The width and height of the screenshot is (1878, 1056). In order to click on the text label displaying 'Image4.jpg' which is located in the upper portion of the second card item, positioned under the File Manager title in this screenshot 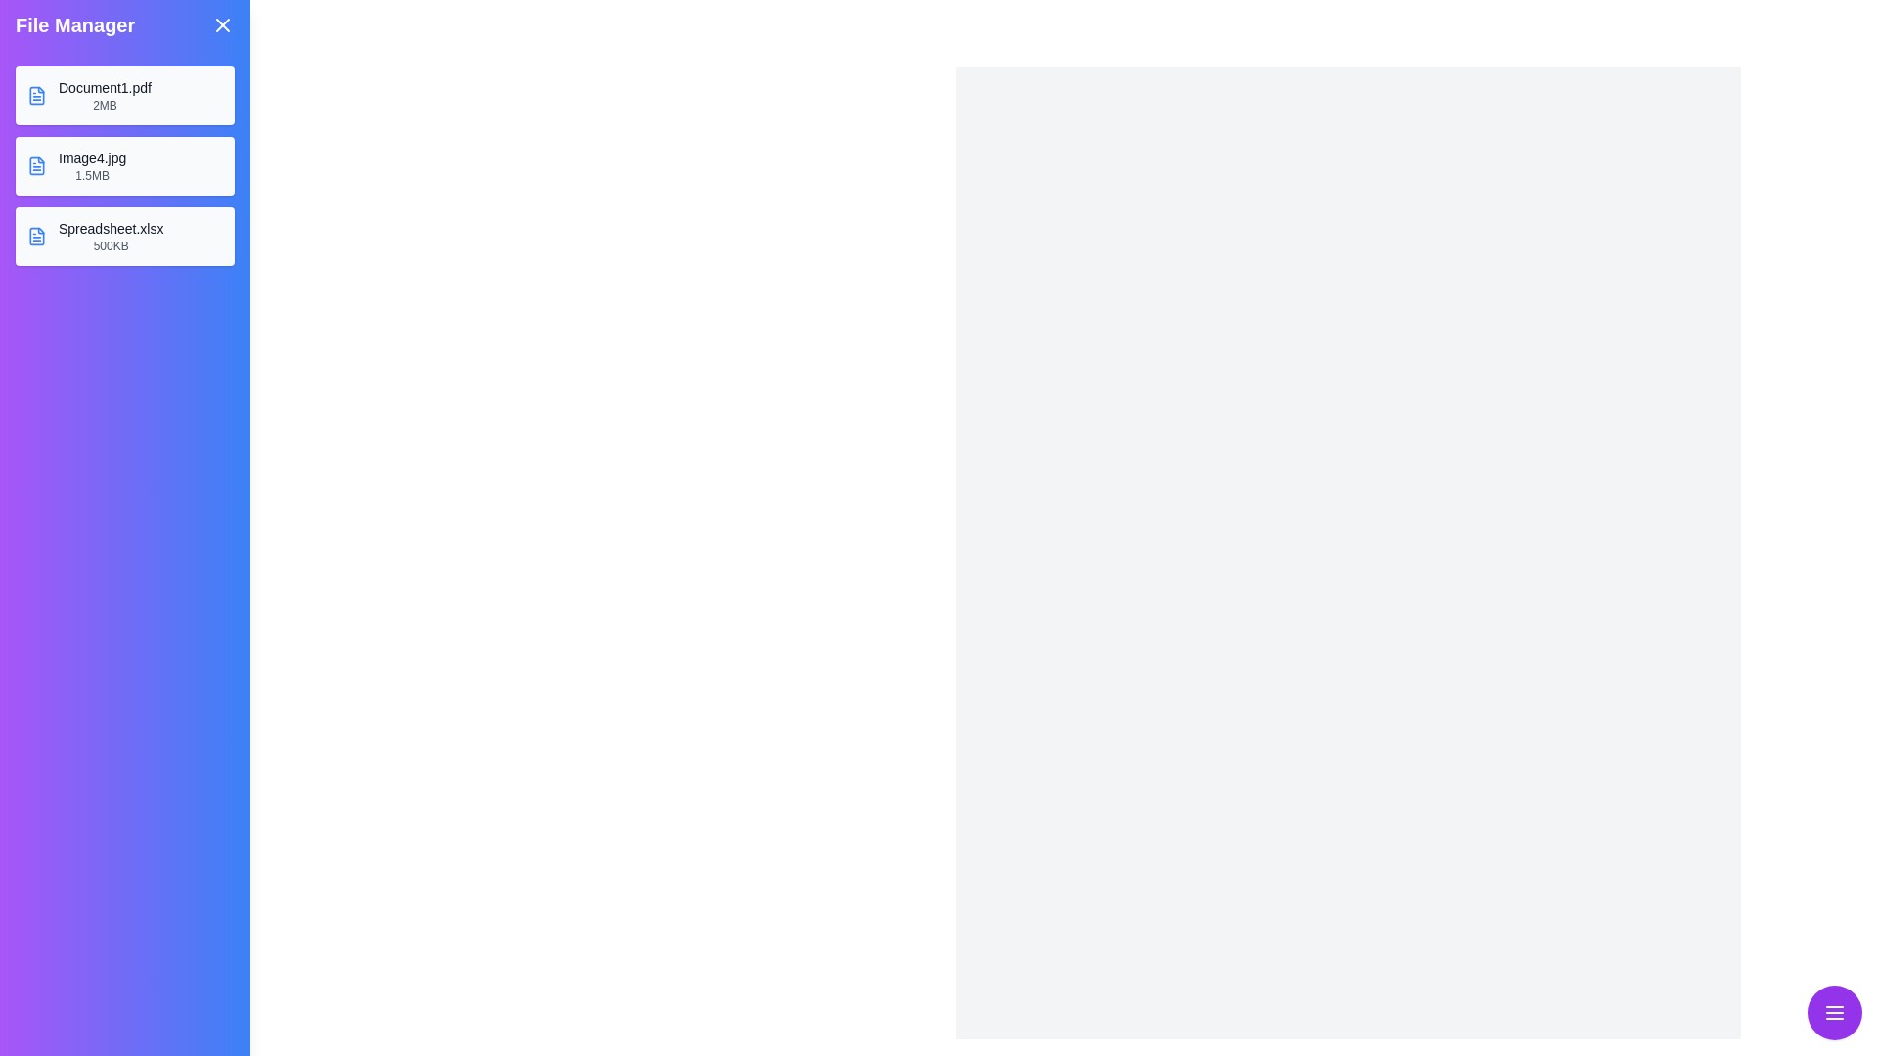, I will do `click(91, 157)`.